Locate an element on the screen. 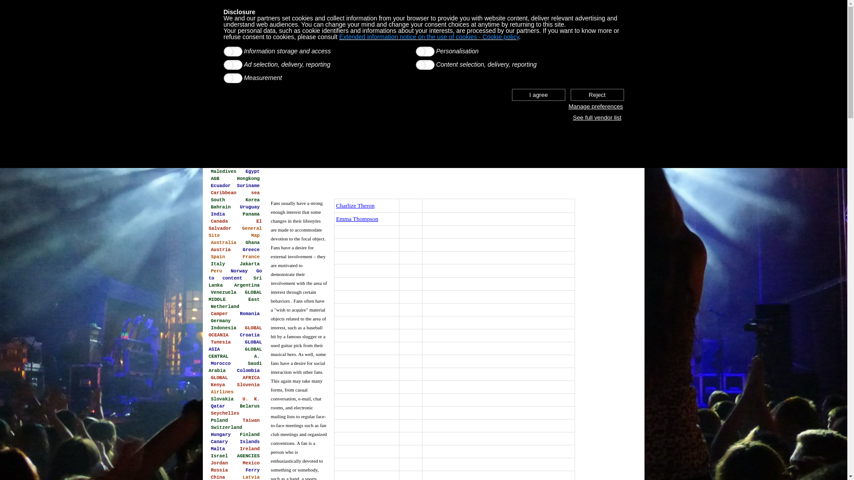  'Peru' is located at coordinates (216, 270).